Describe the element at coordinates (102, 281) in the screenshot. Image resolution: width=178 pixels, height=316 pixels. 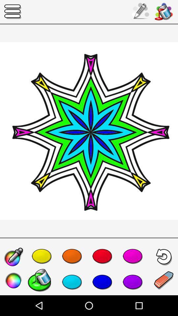
I see `the national_flag icon` at that location.